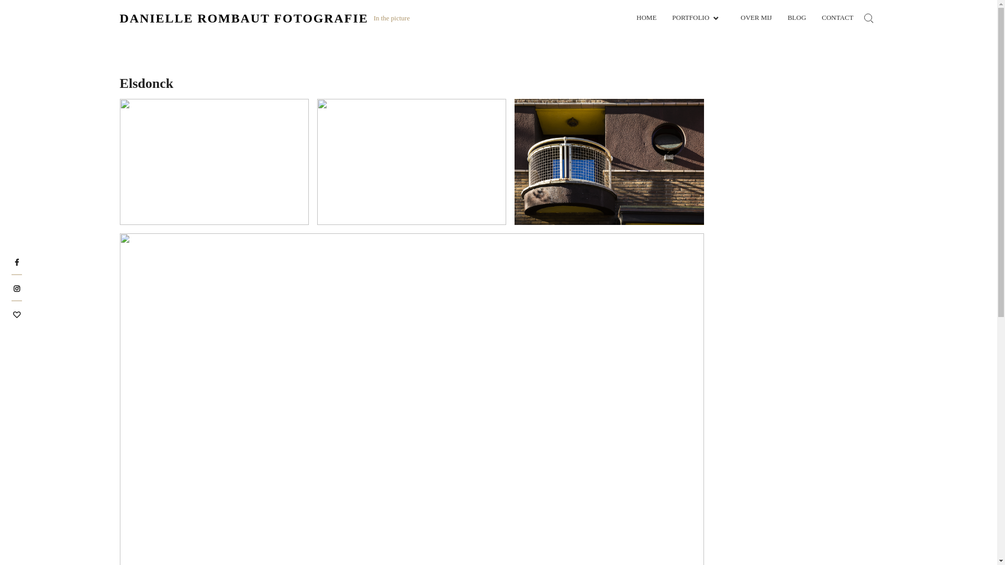 The width and height of the screenshot is (1005, 565). Describe the element at coordinates (243, 18) in the screenshot. I see `'DANIELLE ROMBAUT FOTOGRAFIE'` at that location.